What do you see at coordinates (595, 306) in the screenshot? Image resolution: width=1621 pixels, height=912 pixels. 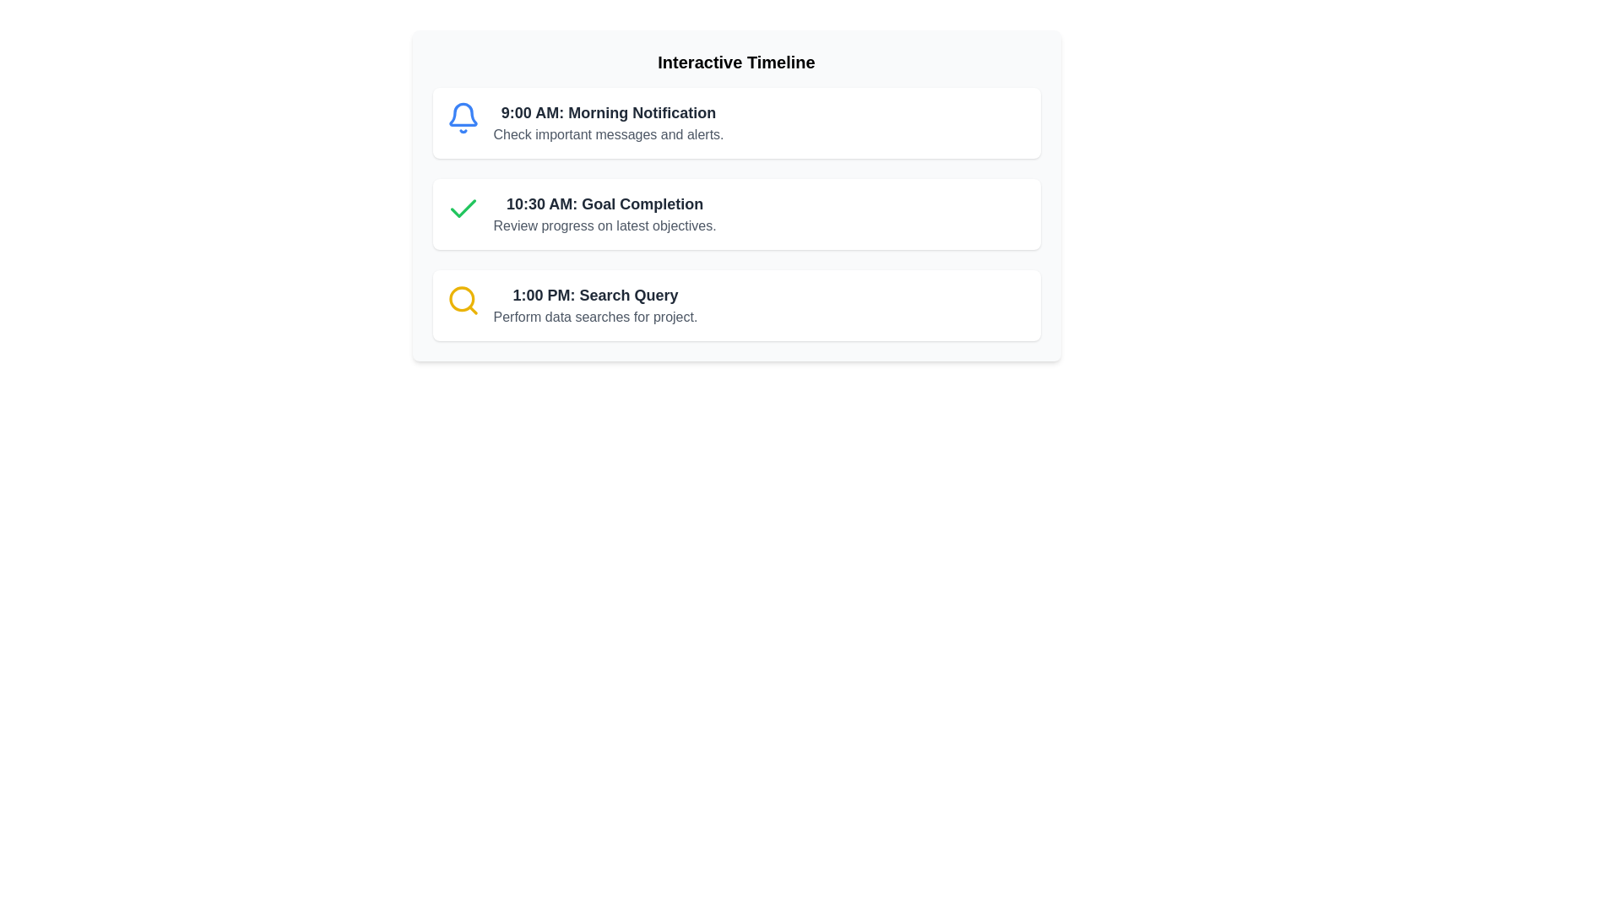 I see `text block containing '1:00 PM: Search Query' and 'Perform data searches for project.' located at the bottom of the 'Interactive Timeline' interface` at bounding box center [595, 306].